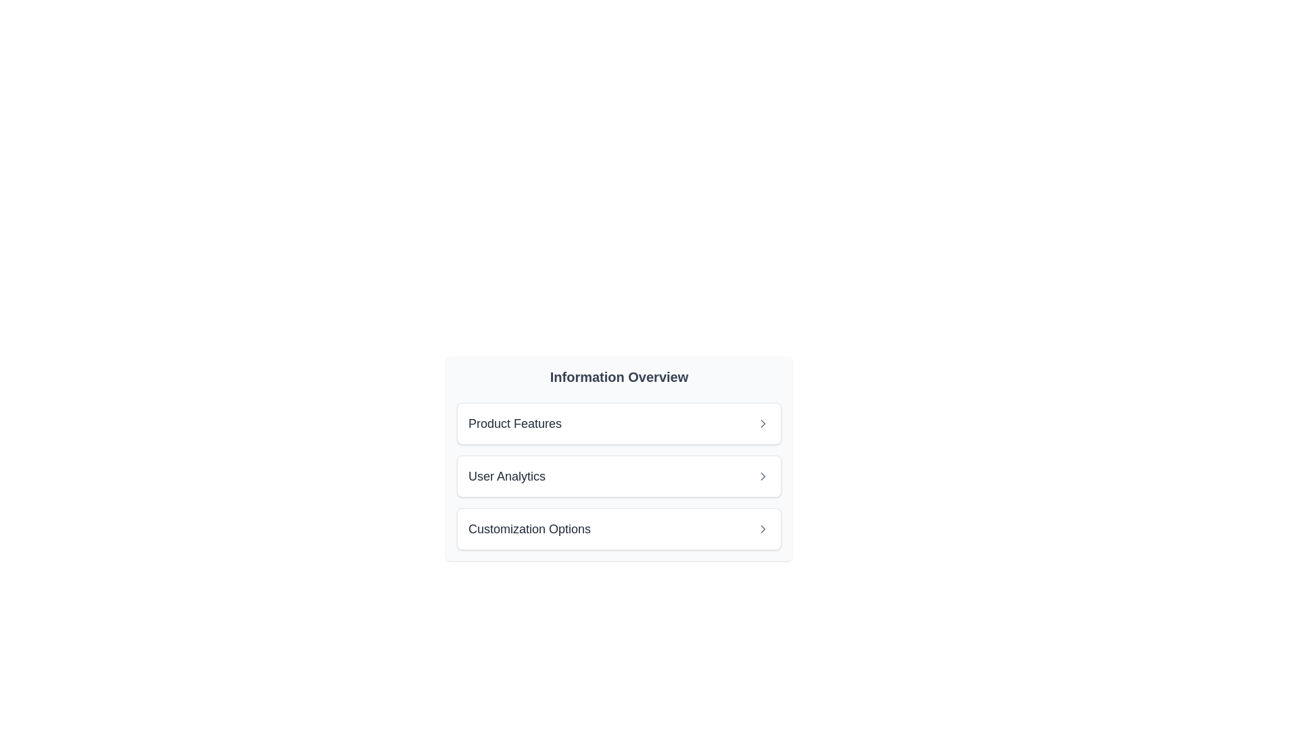  I want to click on the 'Product Features' button in the Information Overview section, so click(619, 423).